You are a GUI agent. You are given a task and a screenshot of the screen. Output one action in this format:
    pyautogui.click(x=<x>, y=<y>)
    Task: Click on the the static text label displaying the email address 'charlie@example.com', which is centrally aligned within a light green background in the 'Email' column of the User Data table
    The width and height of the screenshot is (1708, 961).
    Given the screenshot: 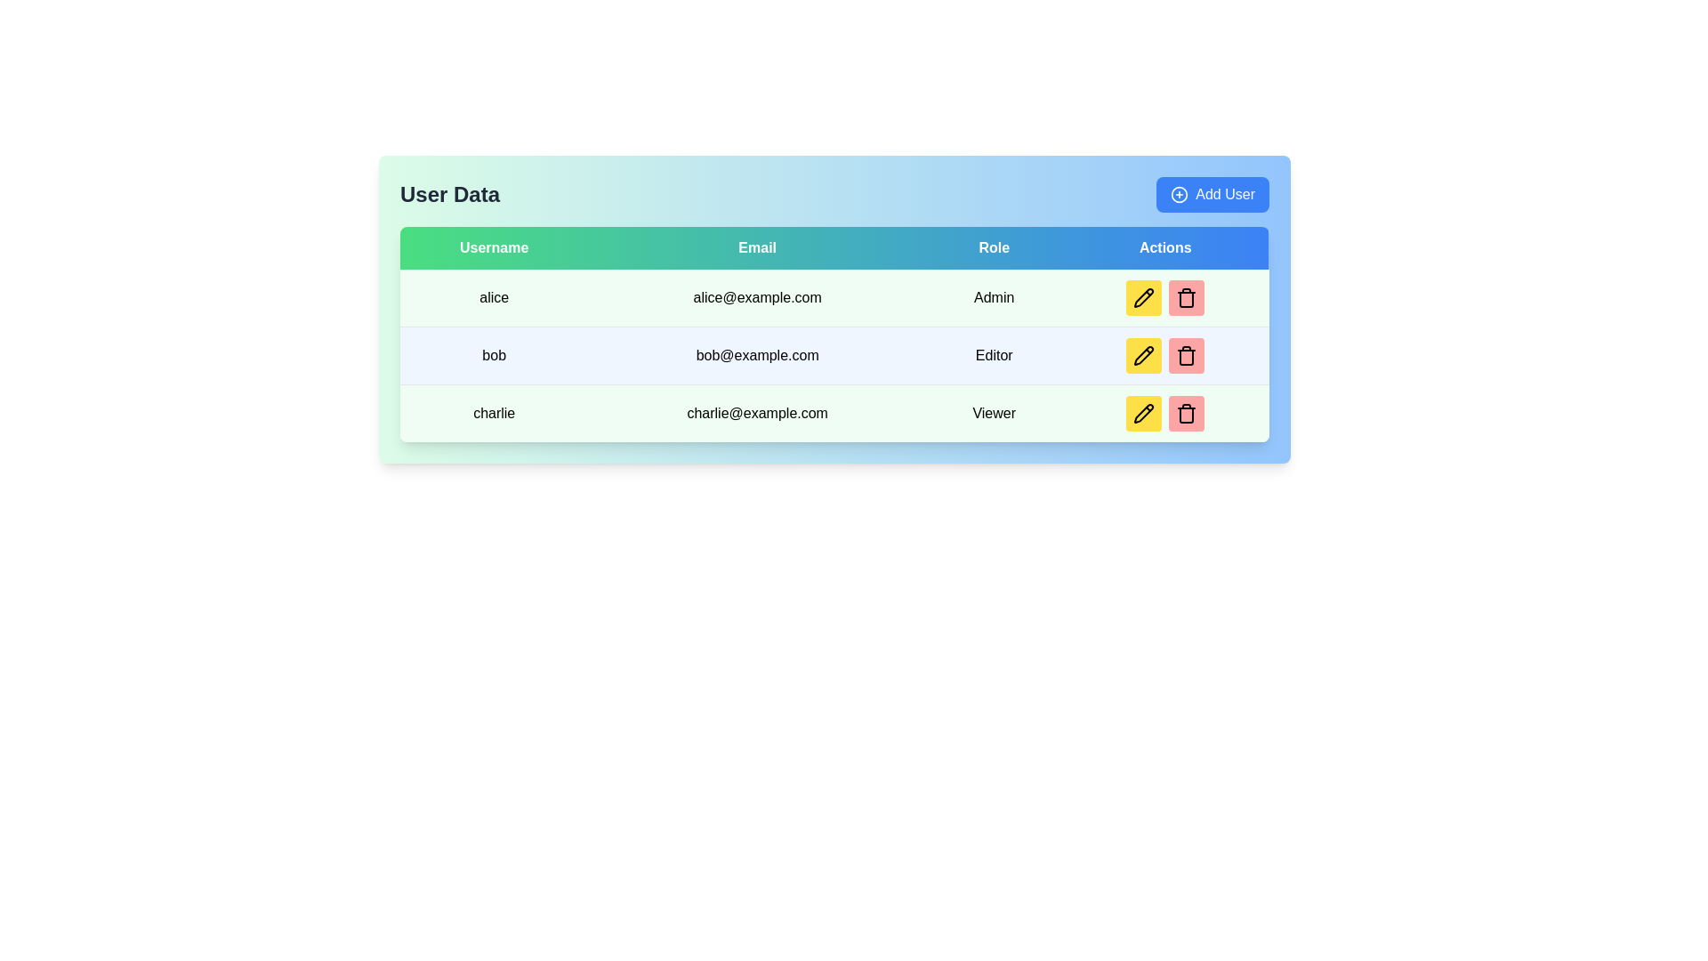 What is the action you would take?
    pyautogui.click(x=757, y=413)
    